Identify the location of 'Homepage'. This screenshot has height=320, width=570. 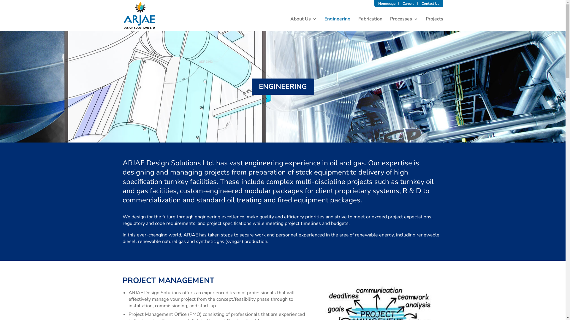
(387, 3).